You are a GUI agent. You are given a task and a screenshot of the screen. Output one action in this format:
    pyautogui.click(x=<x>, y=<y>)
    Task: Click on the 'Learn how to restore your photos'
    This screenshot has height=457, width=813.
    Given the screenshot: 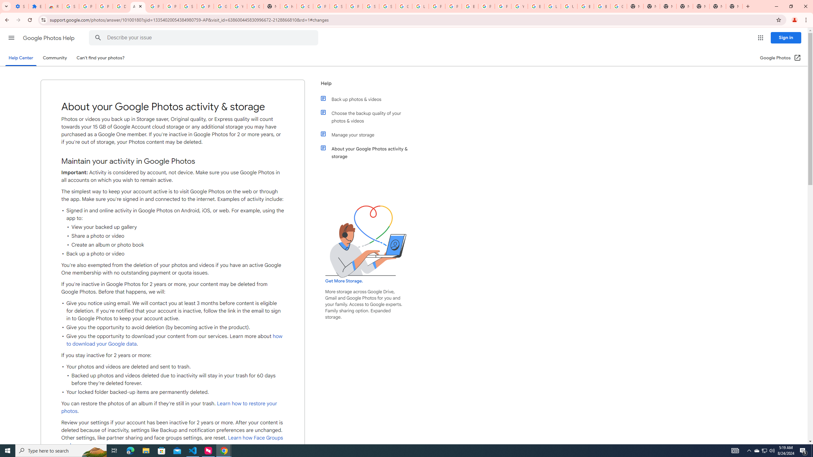 What is the action you would take?
    pyautogui.click(x=169, y=407)
    